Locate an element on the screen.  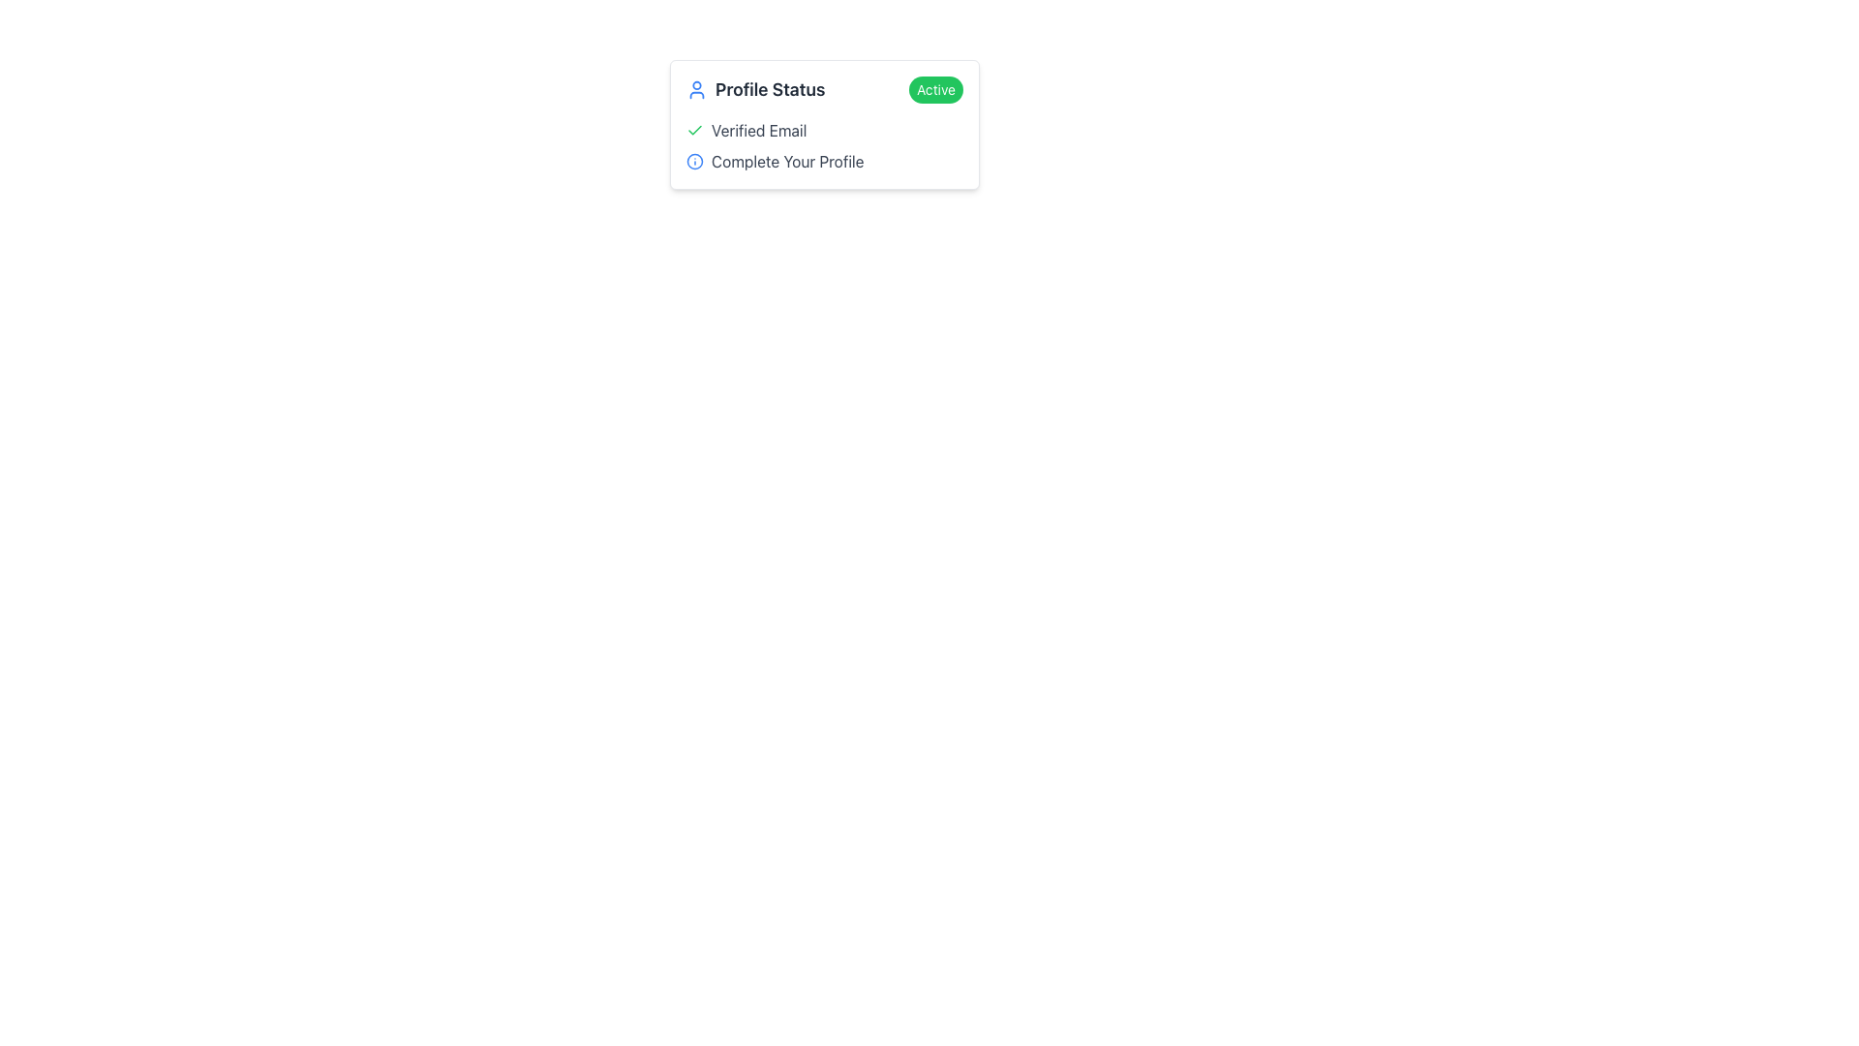
the informational icon next to the 'Complete Your Profile' label for more details is located at coordinates (824, 160).